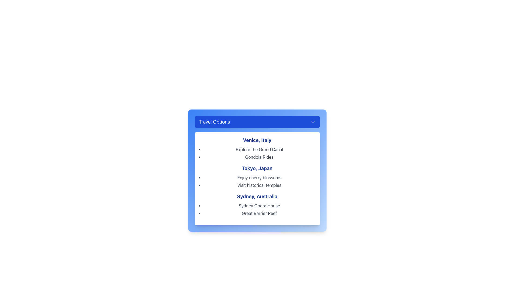 Image resolution: width=519 pixels, height=292 pixels. Describe the element at coordinates (257, 168) in the screenshot. I see `the text label header titled 'Tokyo, Japan' which is positioned centrally in a card layout, below 'Venice, Italy' and above descriptive points such as 'Enjoy cherry blossoms'` at that location.